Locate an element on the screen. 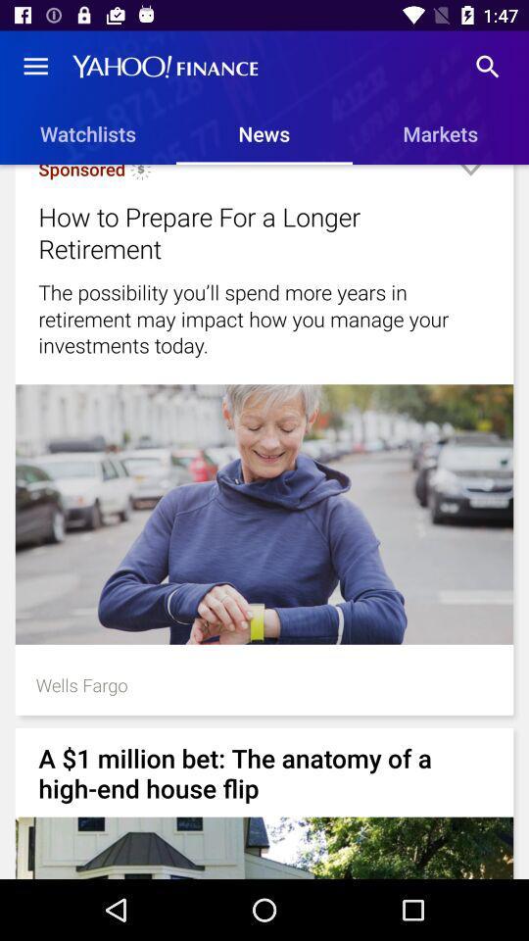 The image size is (529, 941). item above the the possibility you item is located at coordinates (240, 232).